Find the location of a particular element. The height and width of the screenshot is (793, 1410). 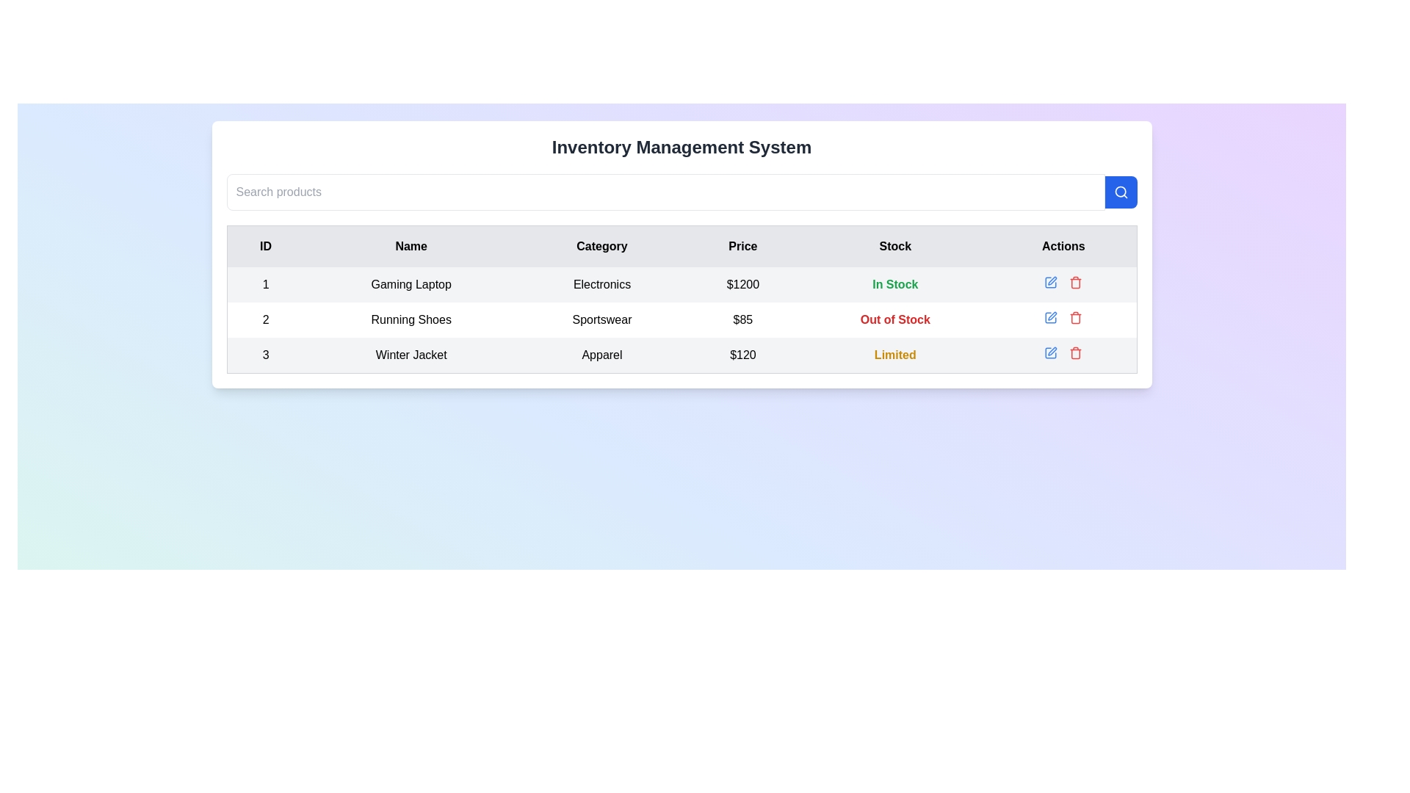

the 'Category' column header text label in the table, which is positioned between the 'Name' and 'Price' elements in the header row is located at coordinates (602, 245).